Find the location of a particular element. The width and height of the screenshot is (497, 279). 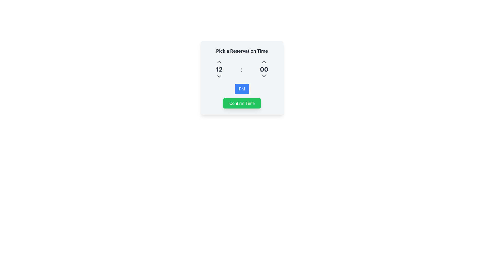

the 'Confirm Time' button, which is a rectangular button with white text on a green background, located at the bottom center of the interface is located at coordinates (242, 103).